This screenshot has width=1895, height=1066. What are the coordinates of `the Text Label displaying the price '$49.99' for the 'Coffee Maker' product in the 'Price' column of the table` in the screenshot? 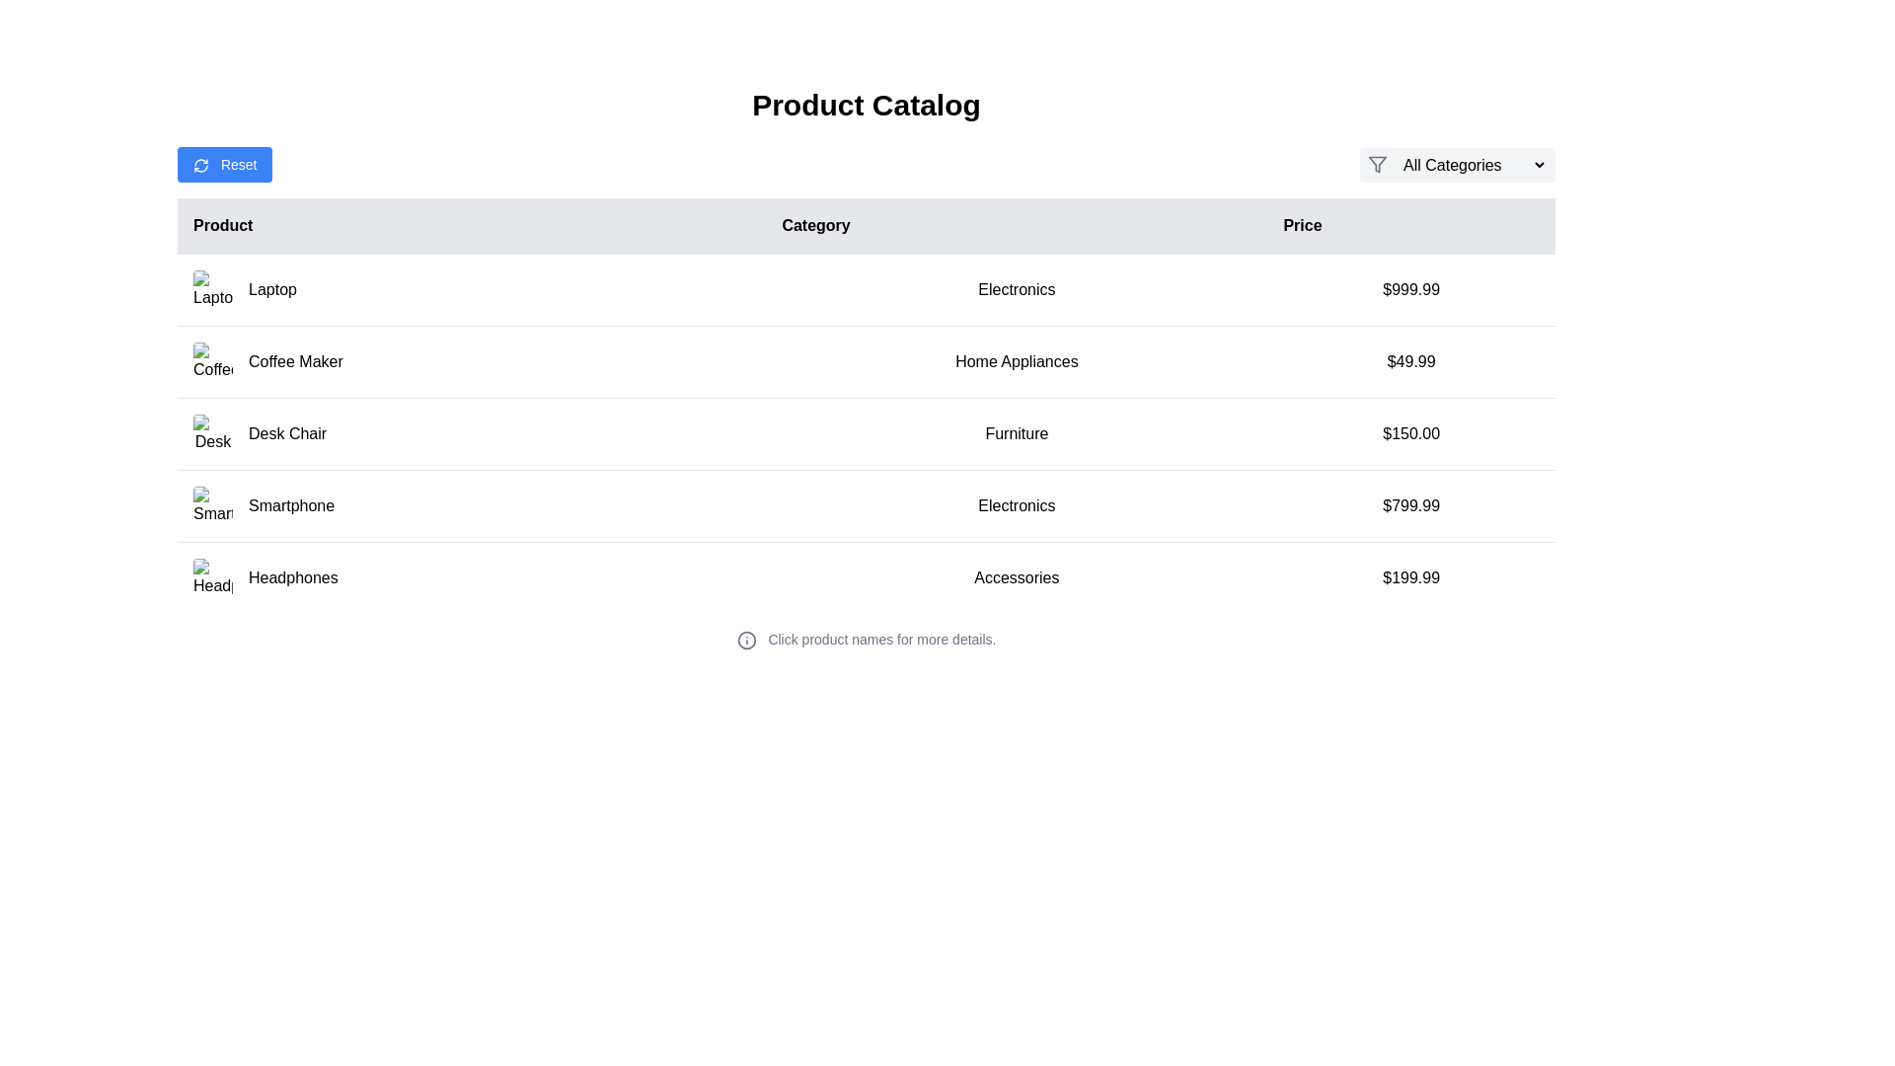 It's located at (1410, 361).